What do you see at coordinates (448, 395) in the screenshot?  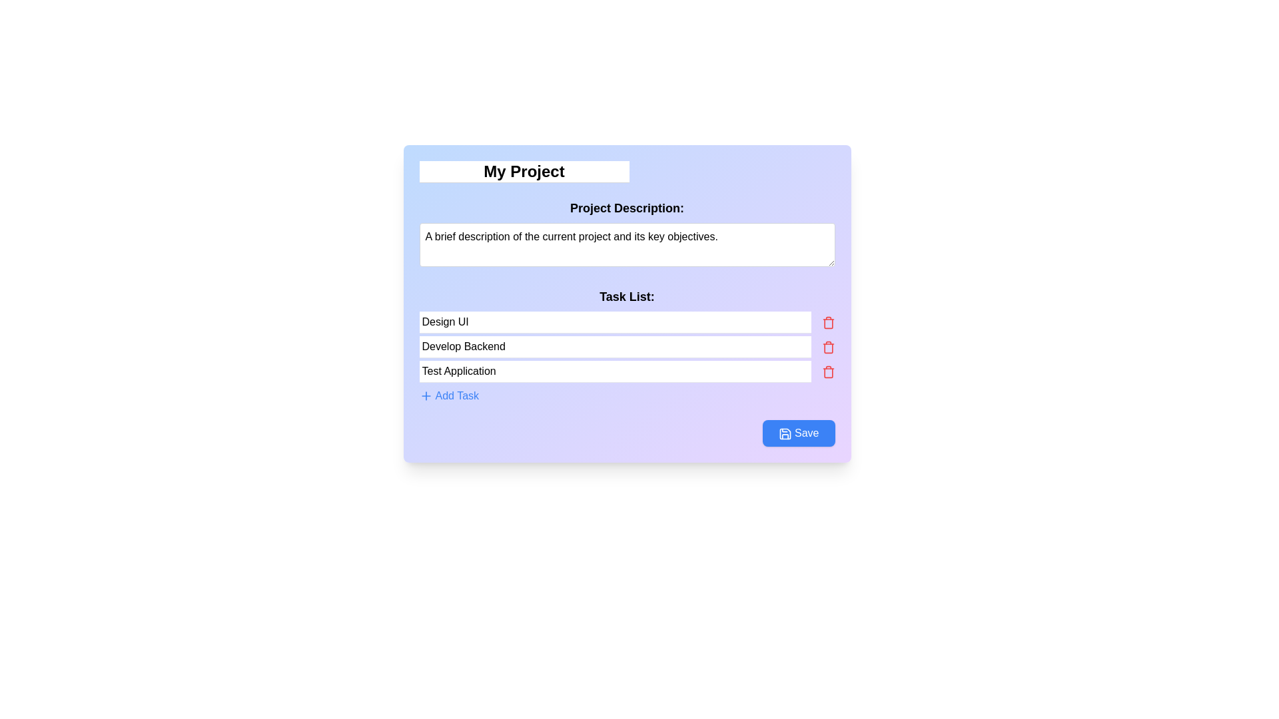 I see `the button with an icon located at the bottom of the 'Task List' section` at bounding box center [448, 395].